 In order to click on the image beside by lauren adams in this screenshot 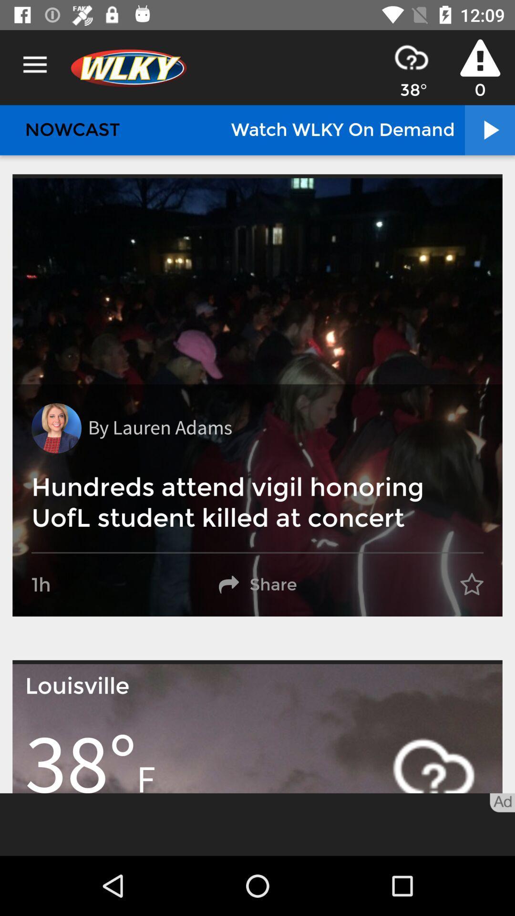, I will do `click(56, 427)`.